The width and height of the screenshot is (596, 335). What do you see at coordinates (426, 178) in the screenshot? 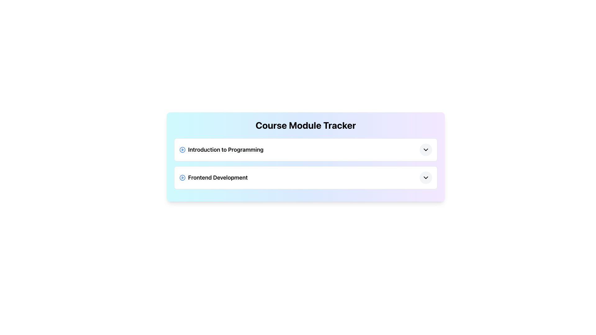
I see `the downward-pointing chevron icon located in the second row of the course module tracker next to the 'Frontend Development' label for additional highlight` at bounding box center [426, 178].